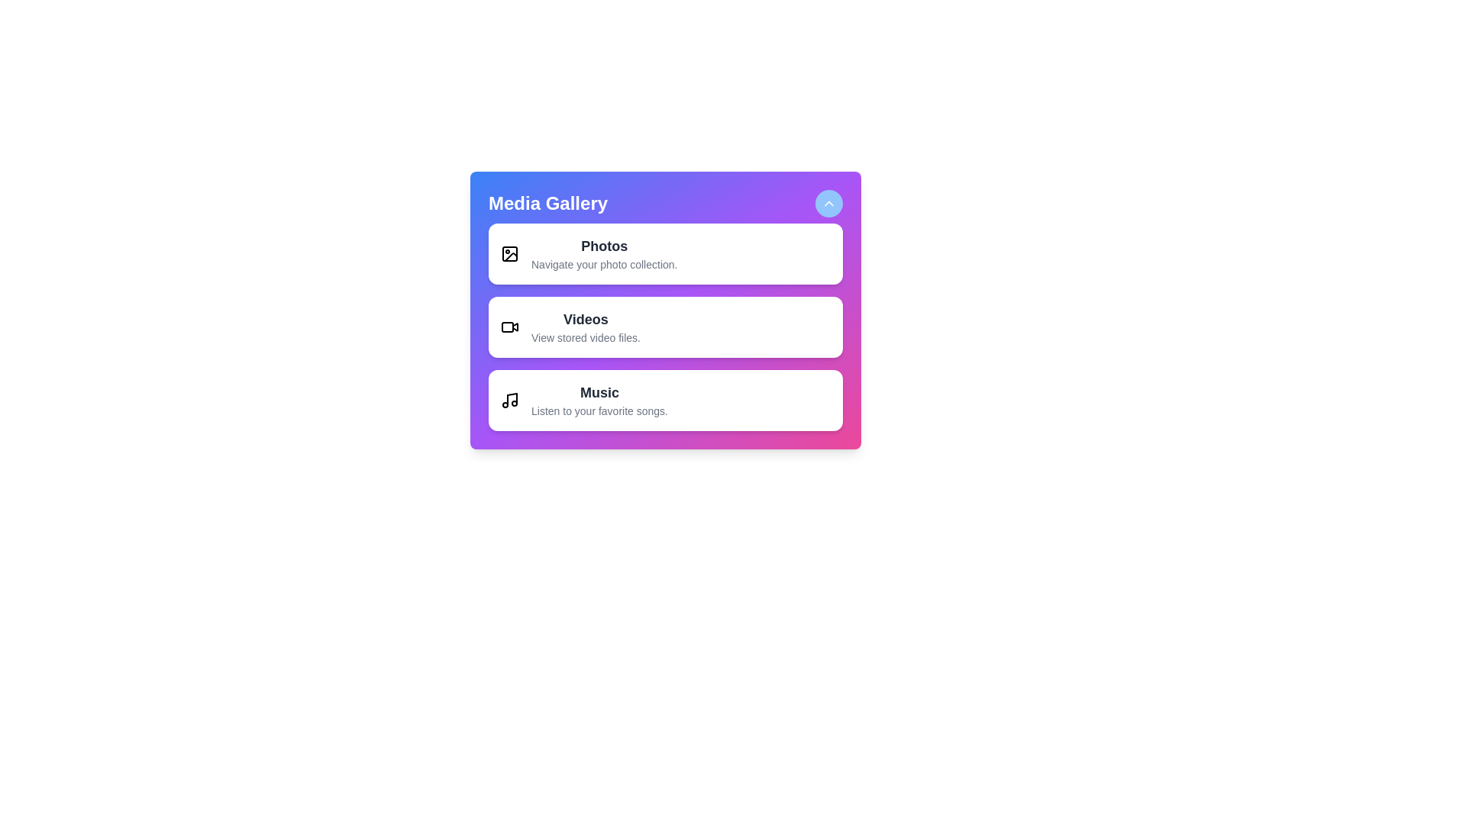 This screenshot has width=1466, height=824. Describe the element at coordinates (666, 399) in the screenshot. I see `the media type Music from the list` at that location.